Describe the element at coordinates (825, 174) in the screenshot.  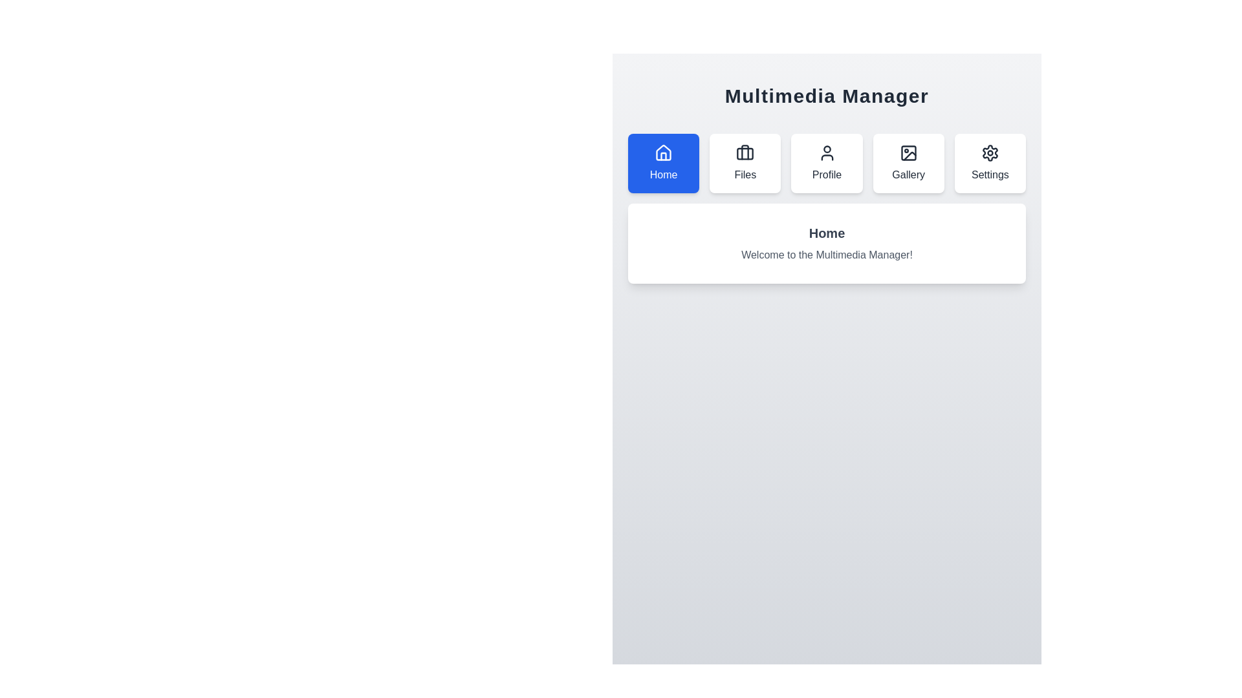
I see `the 'Profile' button which contains the text label directing users to the Profile section of the application` at that location.